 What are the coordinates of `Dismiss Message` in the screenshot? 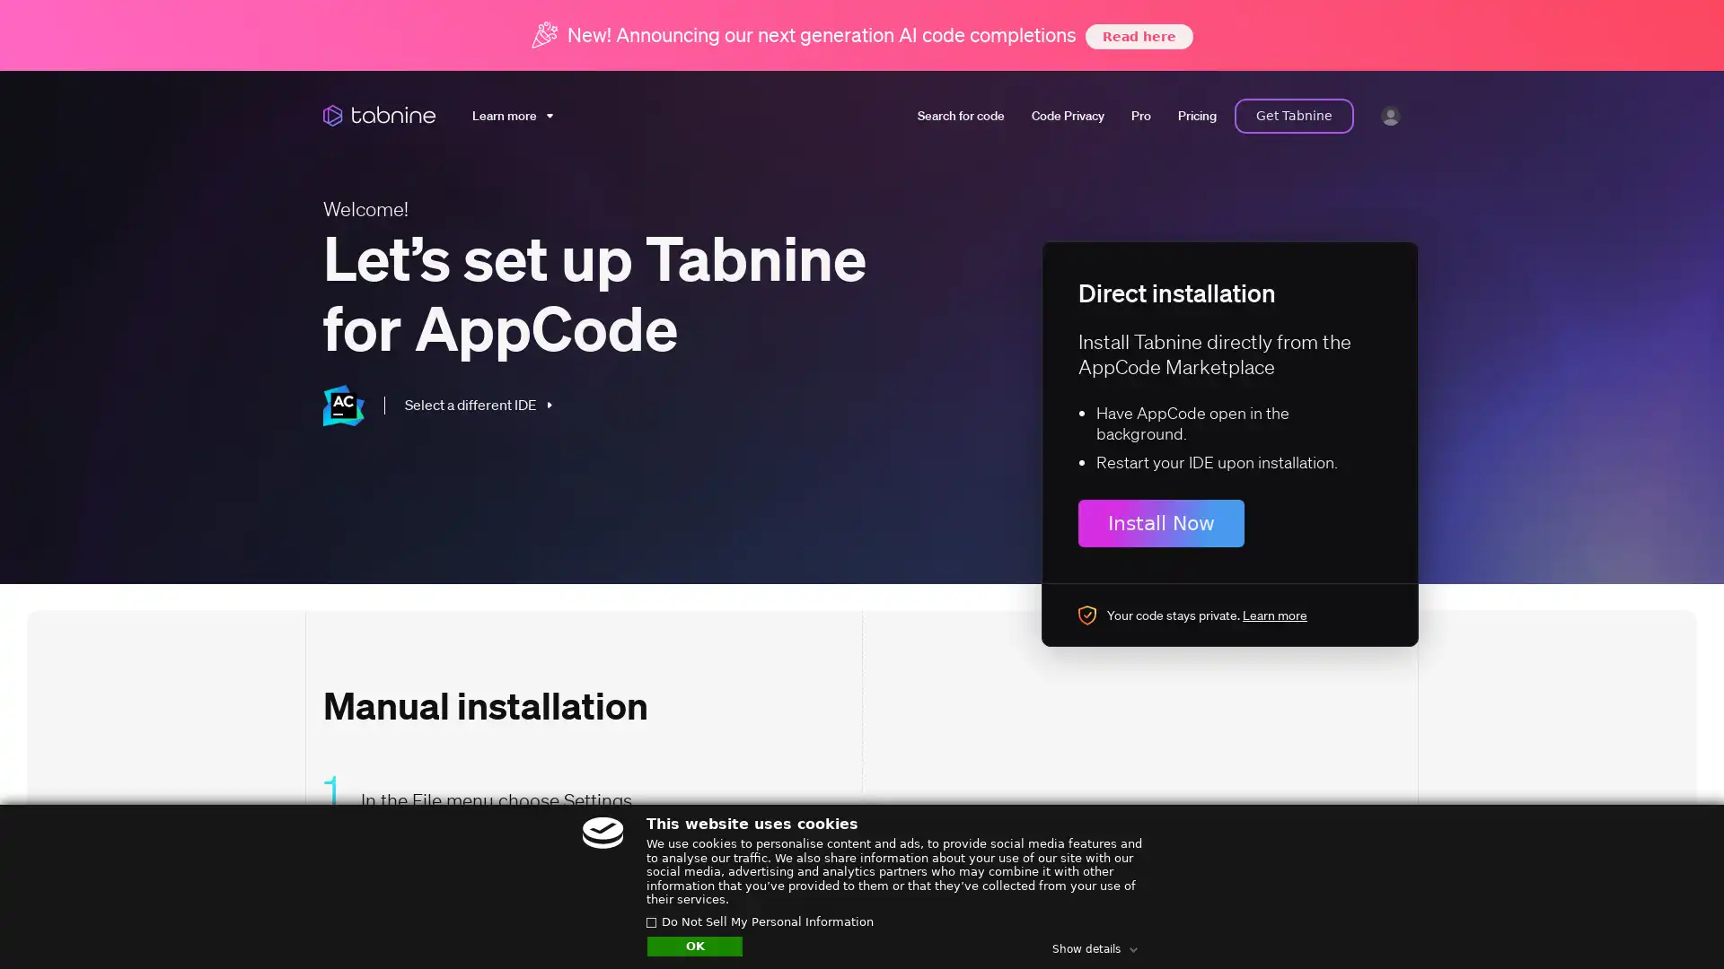 It's located at (1630, 900).